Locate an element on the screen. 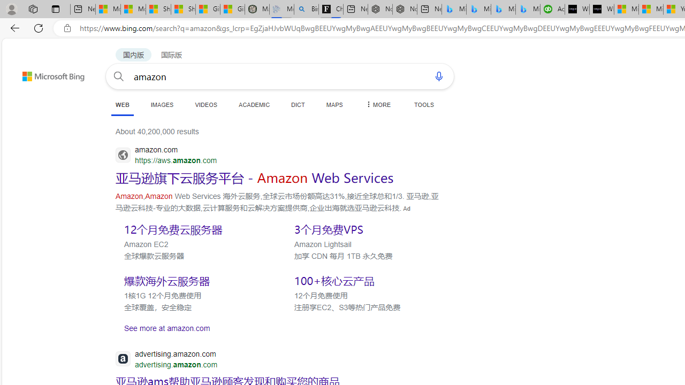 This screenshot has width=685, height=385. 'Microsoft Bing Travel - Stays in Bangkok, Bangkok, Thailand' is located at coordinates (478, 9).